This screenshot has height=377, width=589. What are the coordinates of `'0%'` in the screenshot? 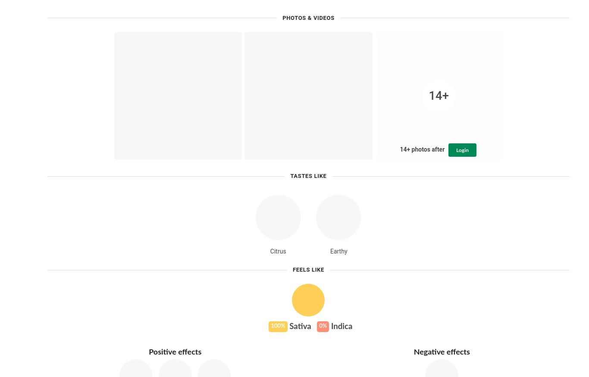 It's located at (323, 326).